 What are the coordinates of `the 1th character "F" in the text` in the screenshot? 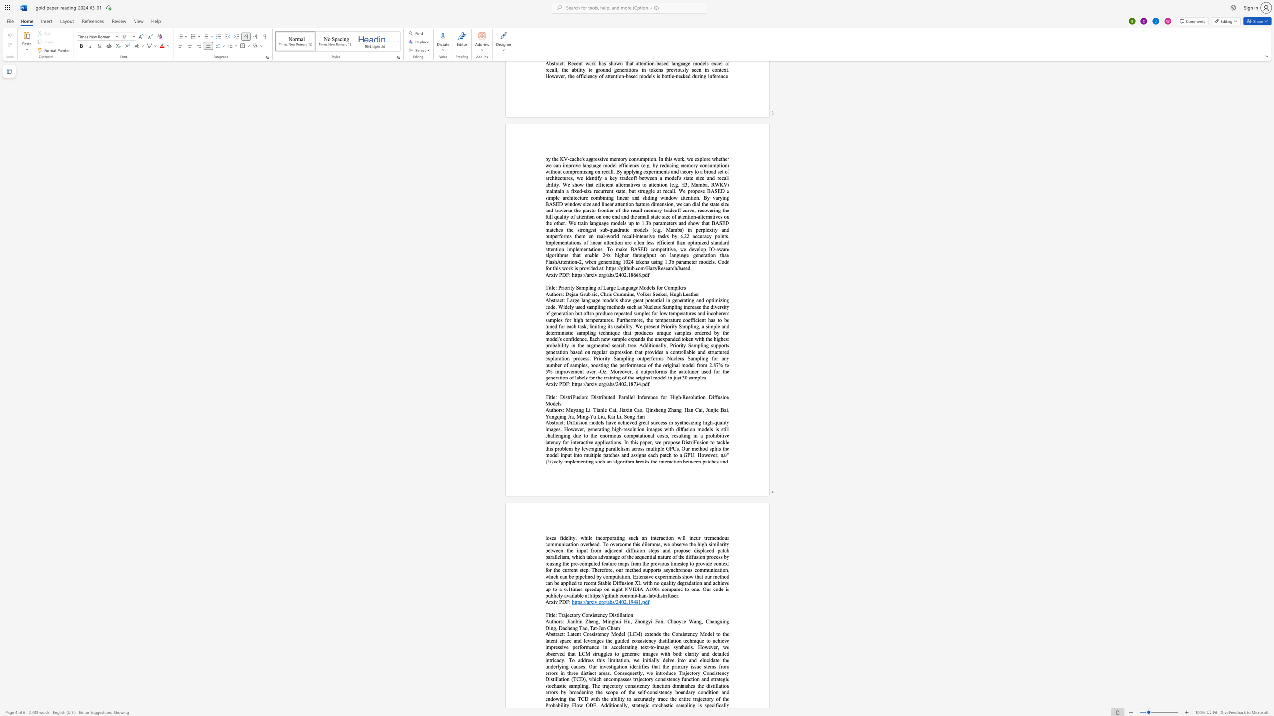 It's located at (567, 383).